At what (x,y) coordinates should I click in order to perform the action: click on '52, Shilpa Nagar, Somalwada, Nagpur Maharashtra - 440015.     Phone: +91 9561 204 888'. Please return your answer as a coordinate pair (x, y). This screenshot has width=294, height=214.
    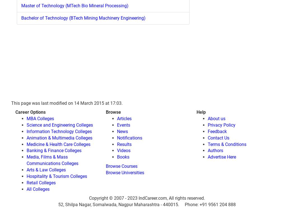
    Looking at the image, I should click on (58, 204).